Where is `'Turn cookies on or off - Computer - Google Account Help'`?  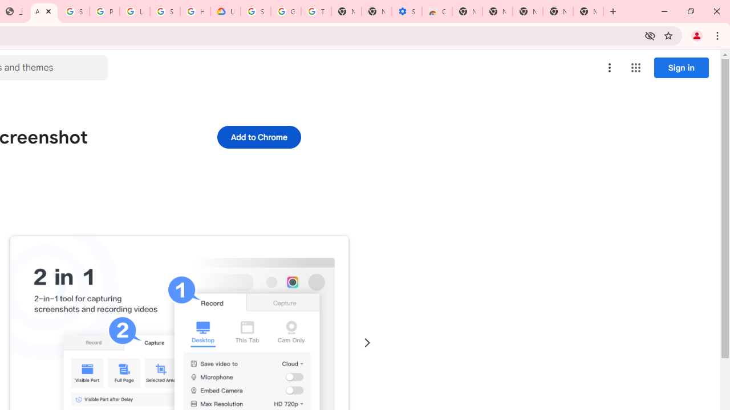 'Turn cookies on or off - Computer - Google Account Help' is located at coordinates (316, 11).